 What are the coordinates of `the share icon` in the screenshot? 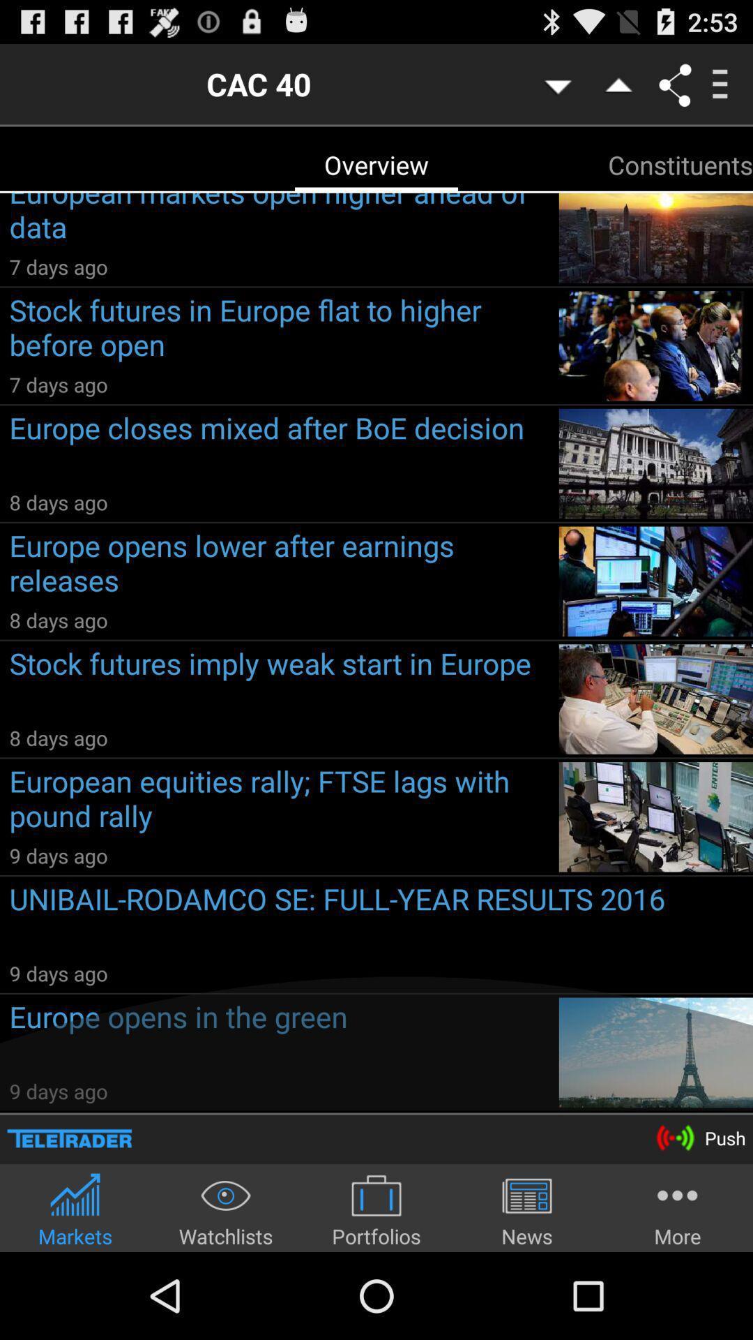 It's located at (675, 89).